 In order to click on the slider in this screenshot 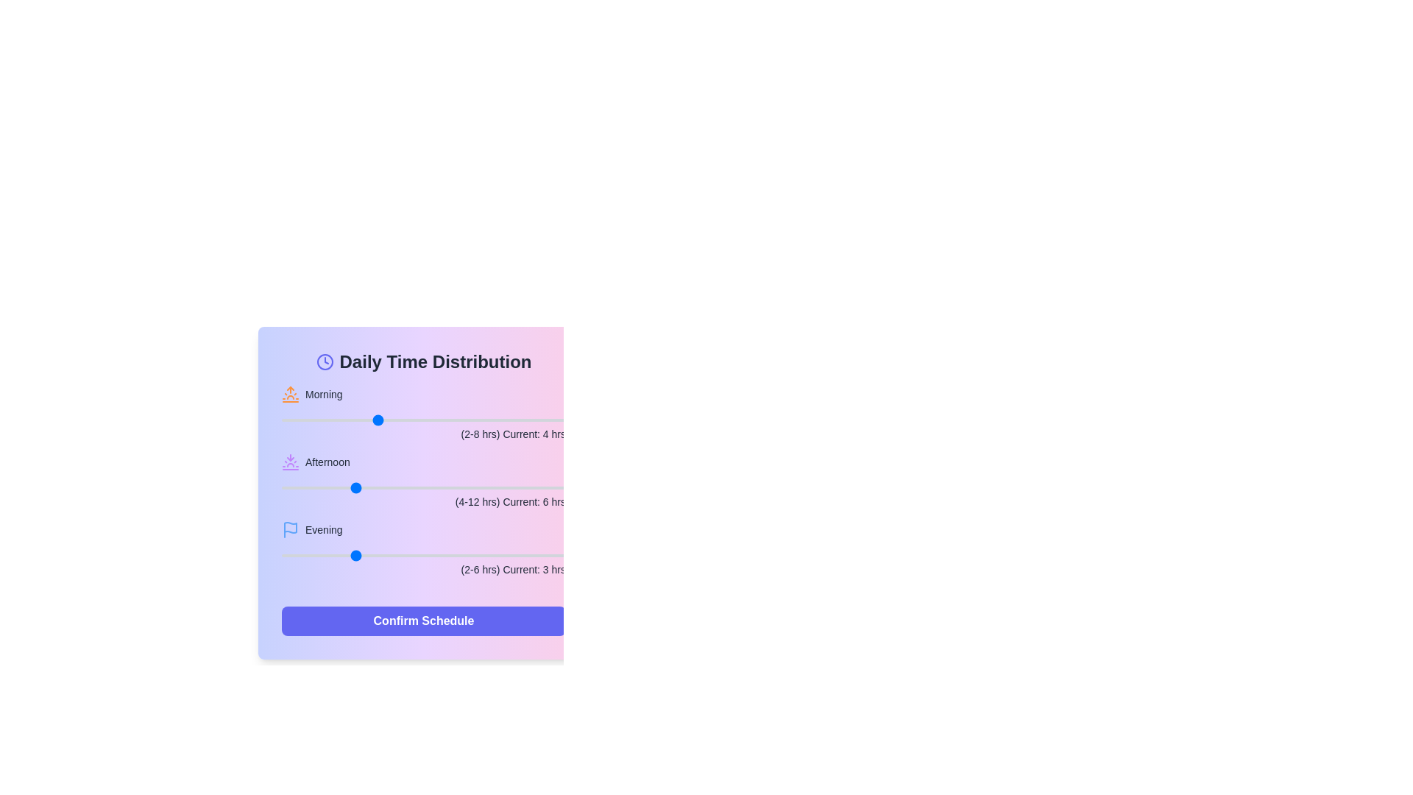, I will do `click(282, 556)`.